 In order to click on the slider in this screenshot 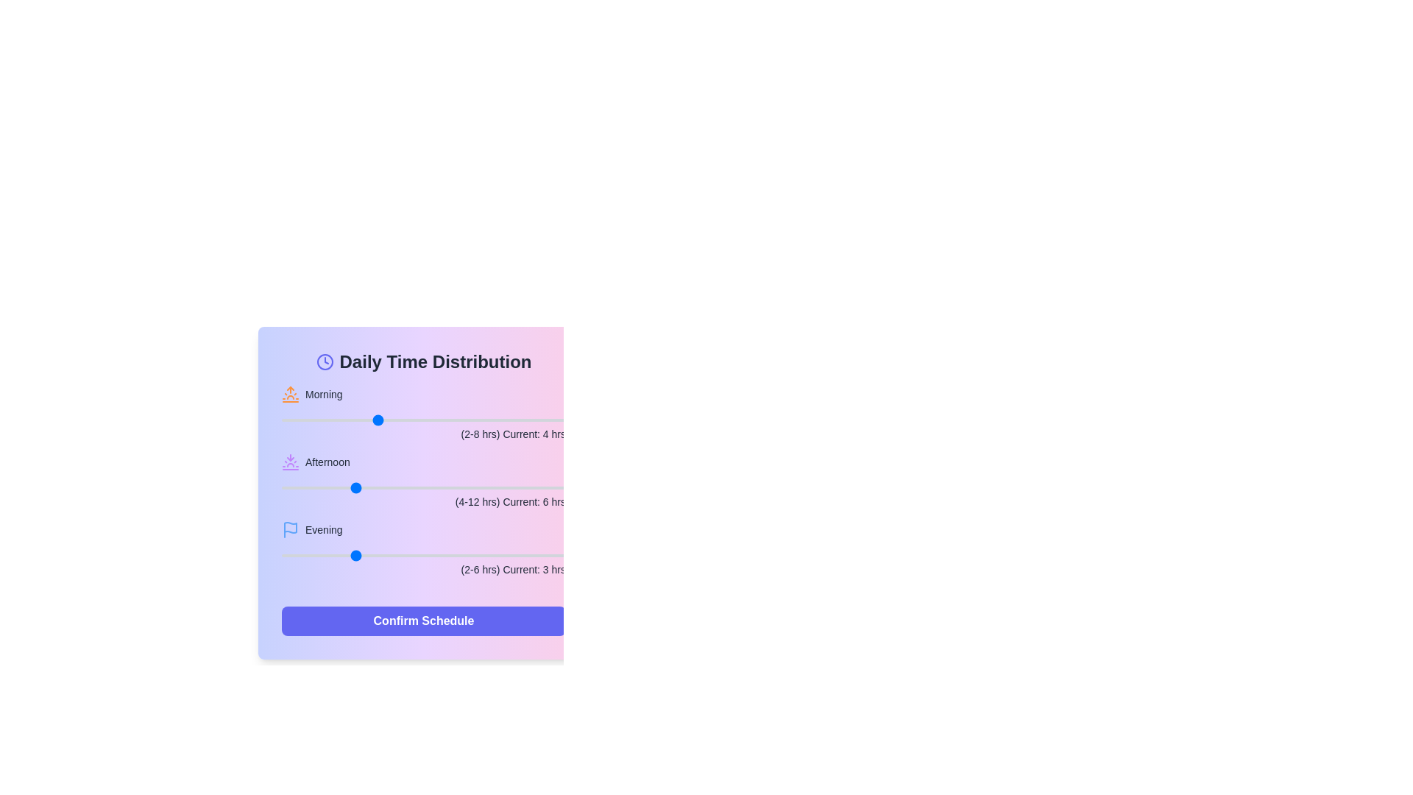, I will do `click(282, 556)`.